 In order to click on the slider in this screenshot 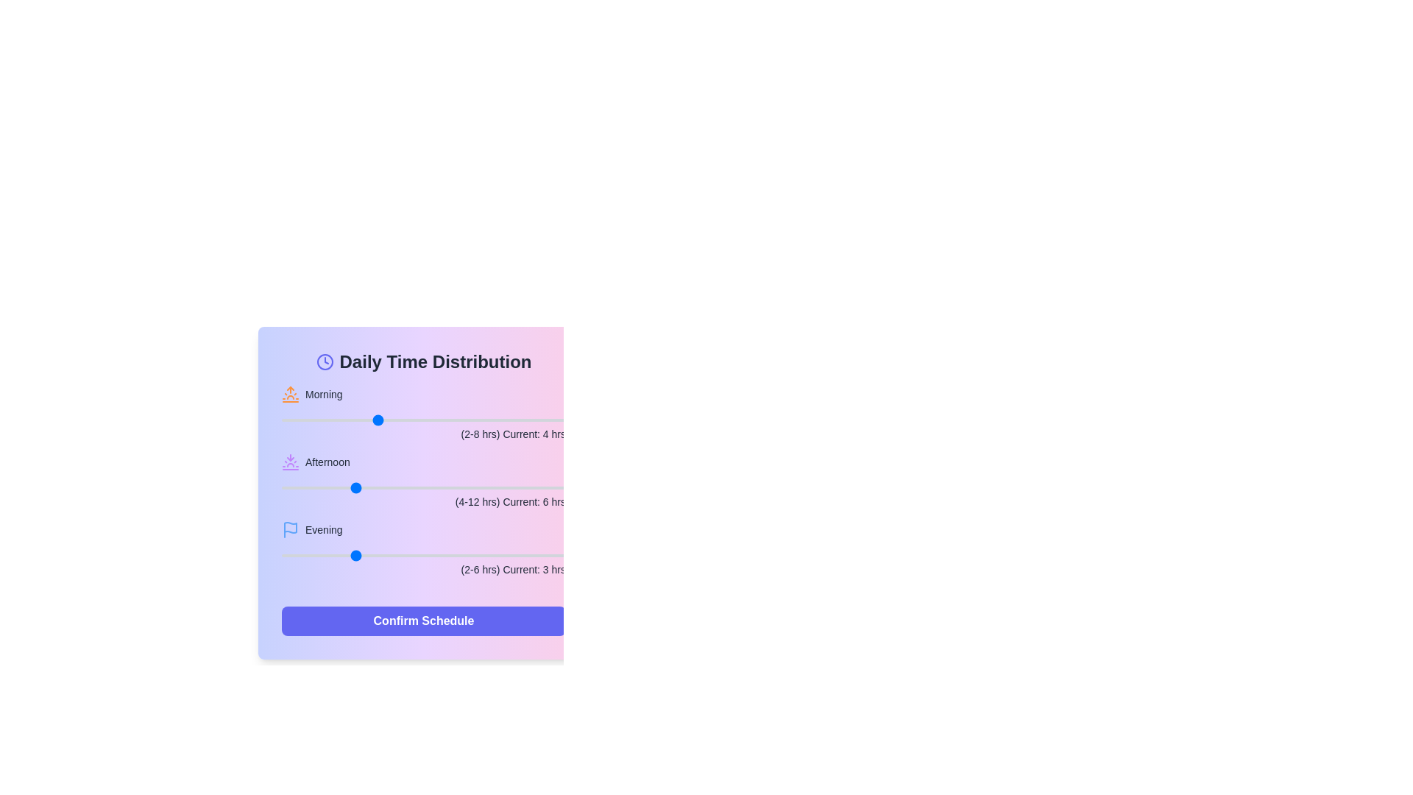, I will do `click(282, 556)`.